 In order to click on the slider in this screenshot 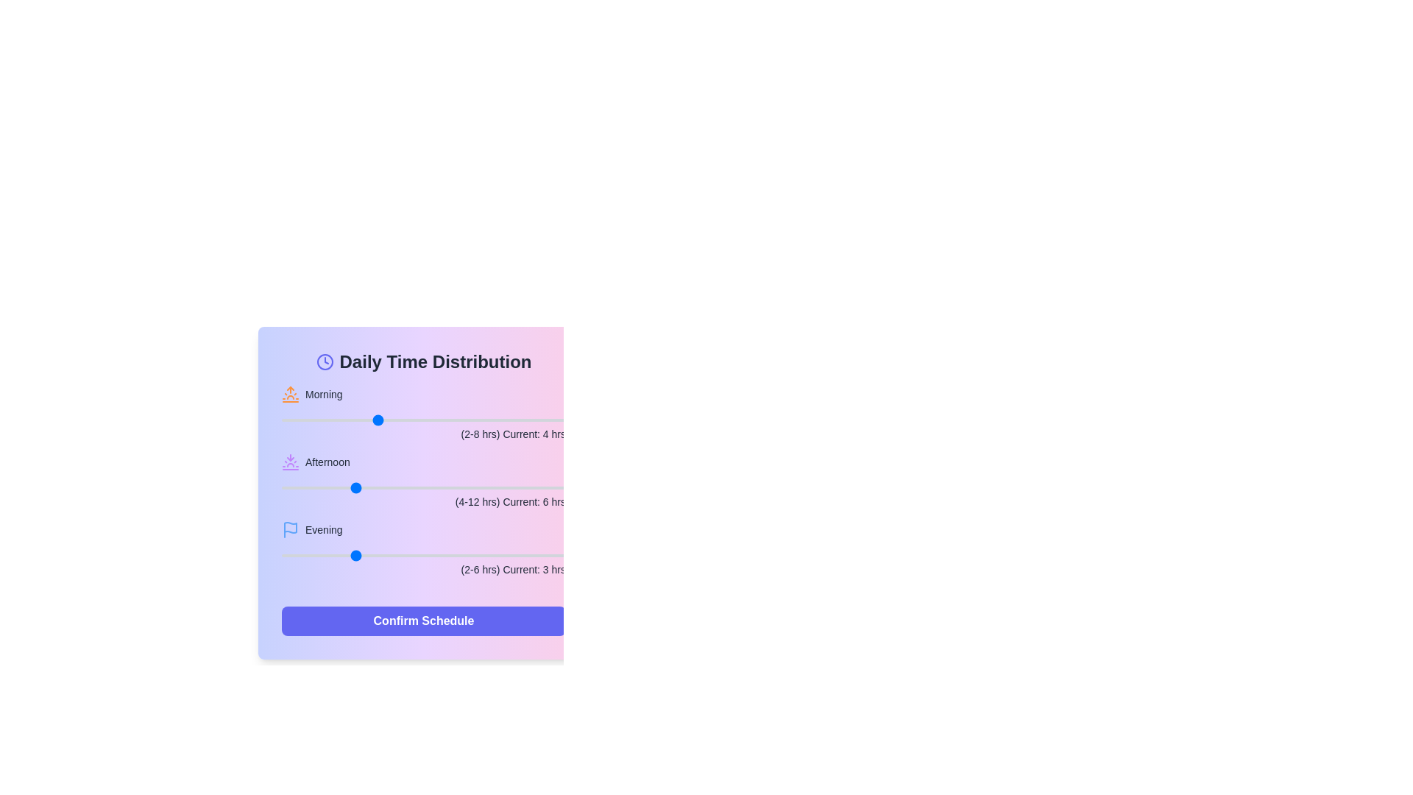, I will do `click(282, 556)`.